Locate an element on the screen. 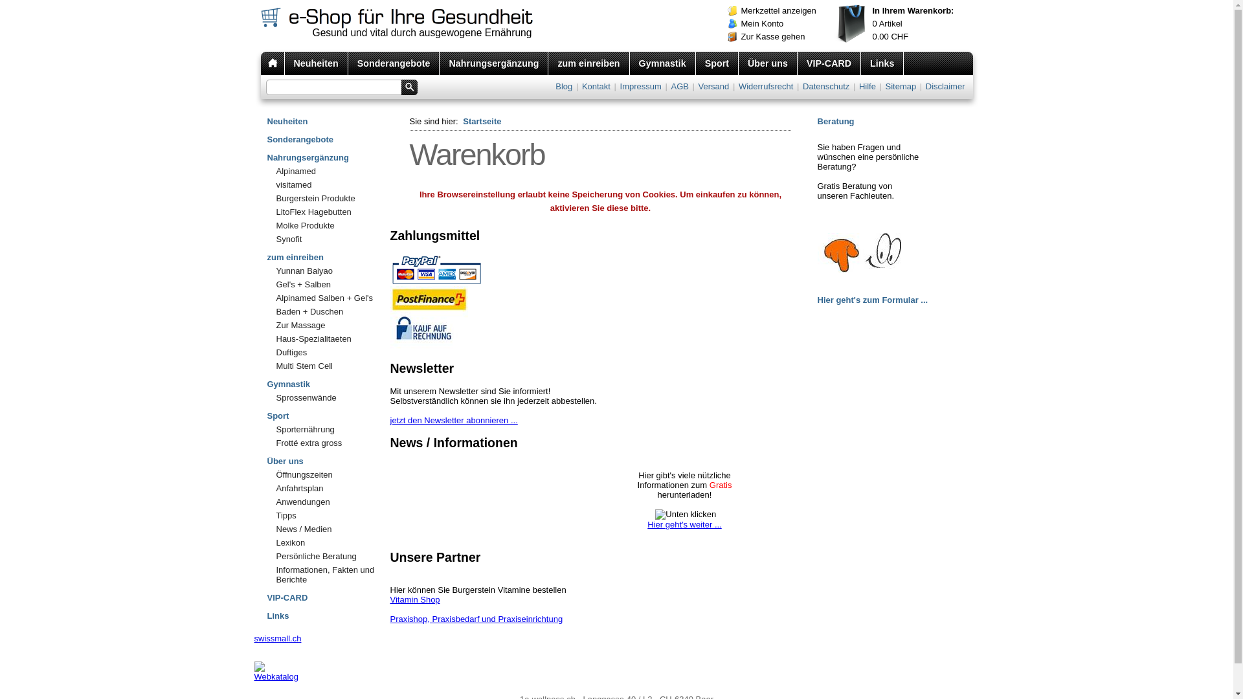 Image resolution: width=1243 pixels, height=699 pixels. 'Sitemap' is located at coordinates (884, 86).